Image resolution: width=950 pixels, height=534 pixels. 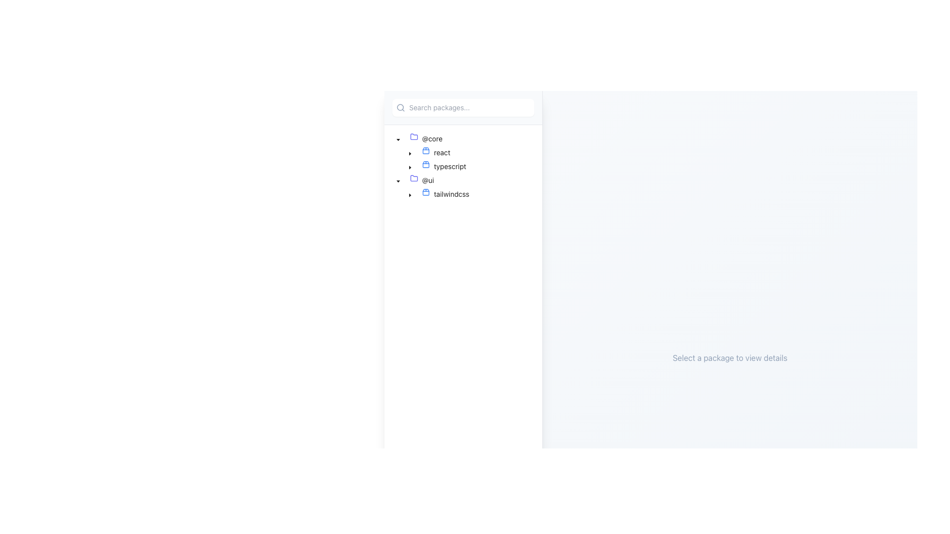 What do you see at coordinates (398, 194) in the screenshot?
I see `the indent marker element within the treeview structure under the '@ui' section, preceding the 'tailwindcss' node` at bounding box center [398, 194].